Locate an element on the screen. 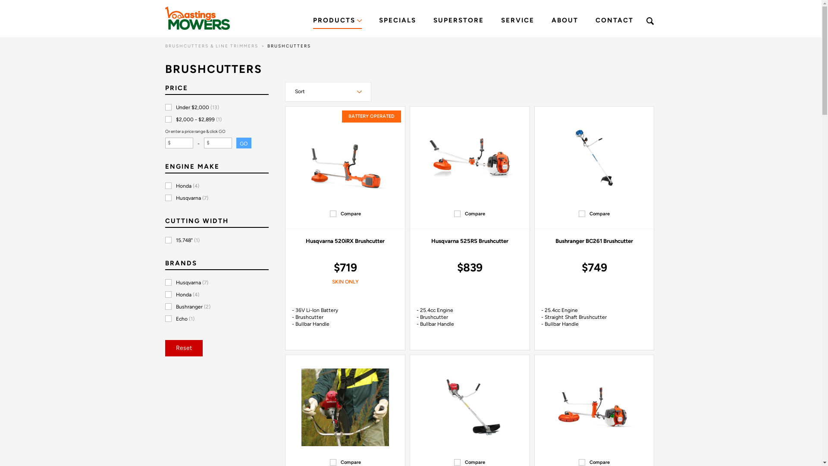  'Reset' is located at coordinates (183, 347).